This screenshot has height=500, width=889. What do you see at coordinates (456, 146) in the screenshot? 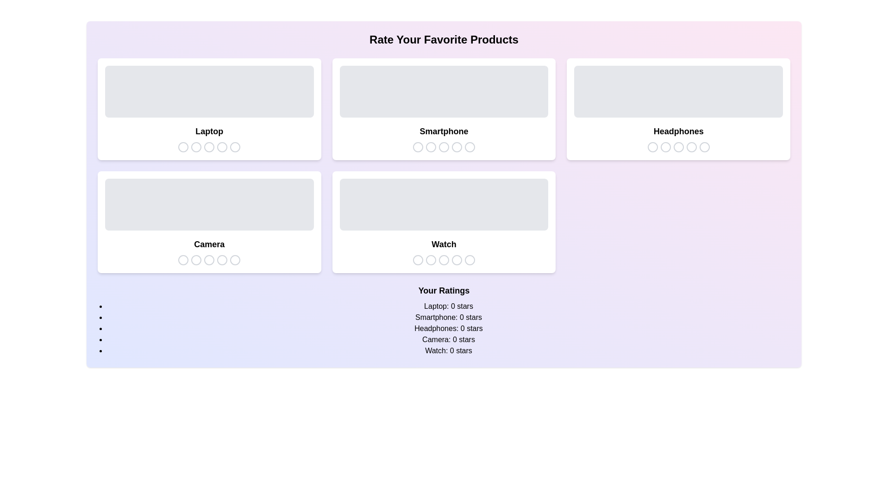
I see `the star icon corresponding to 4 stars for the product Smartphone` at bounding box center [456, 146].